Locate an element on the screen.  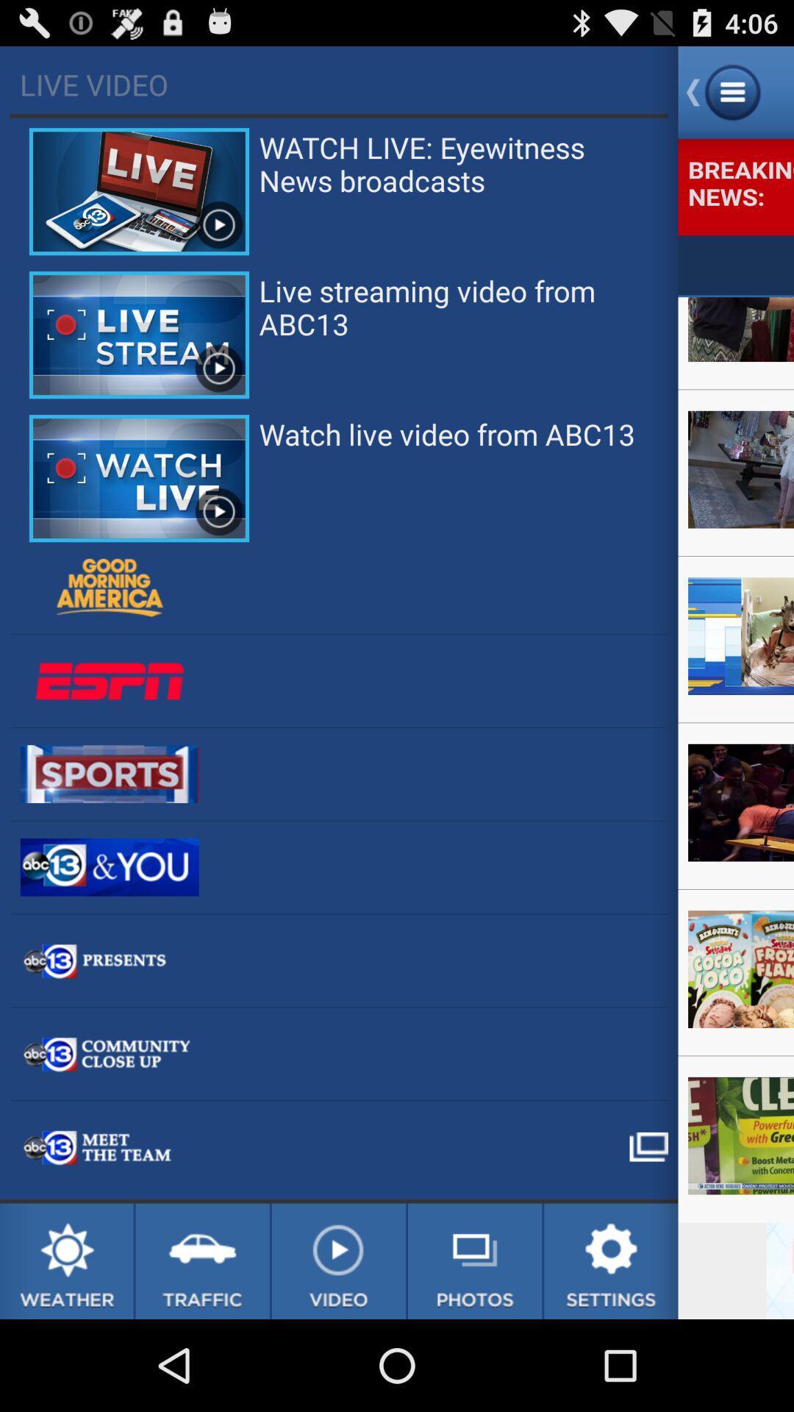
see traffic status is located at coordinates (202, 1261).